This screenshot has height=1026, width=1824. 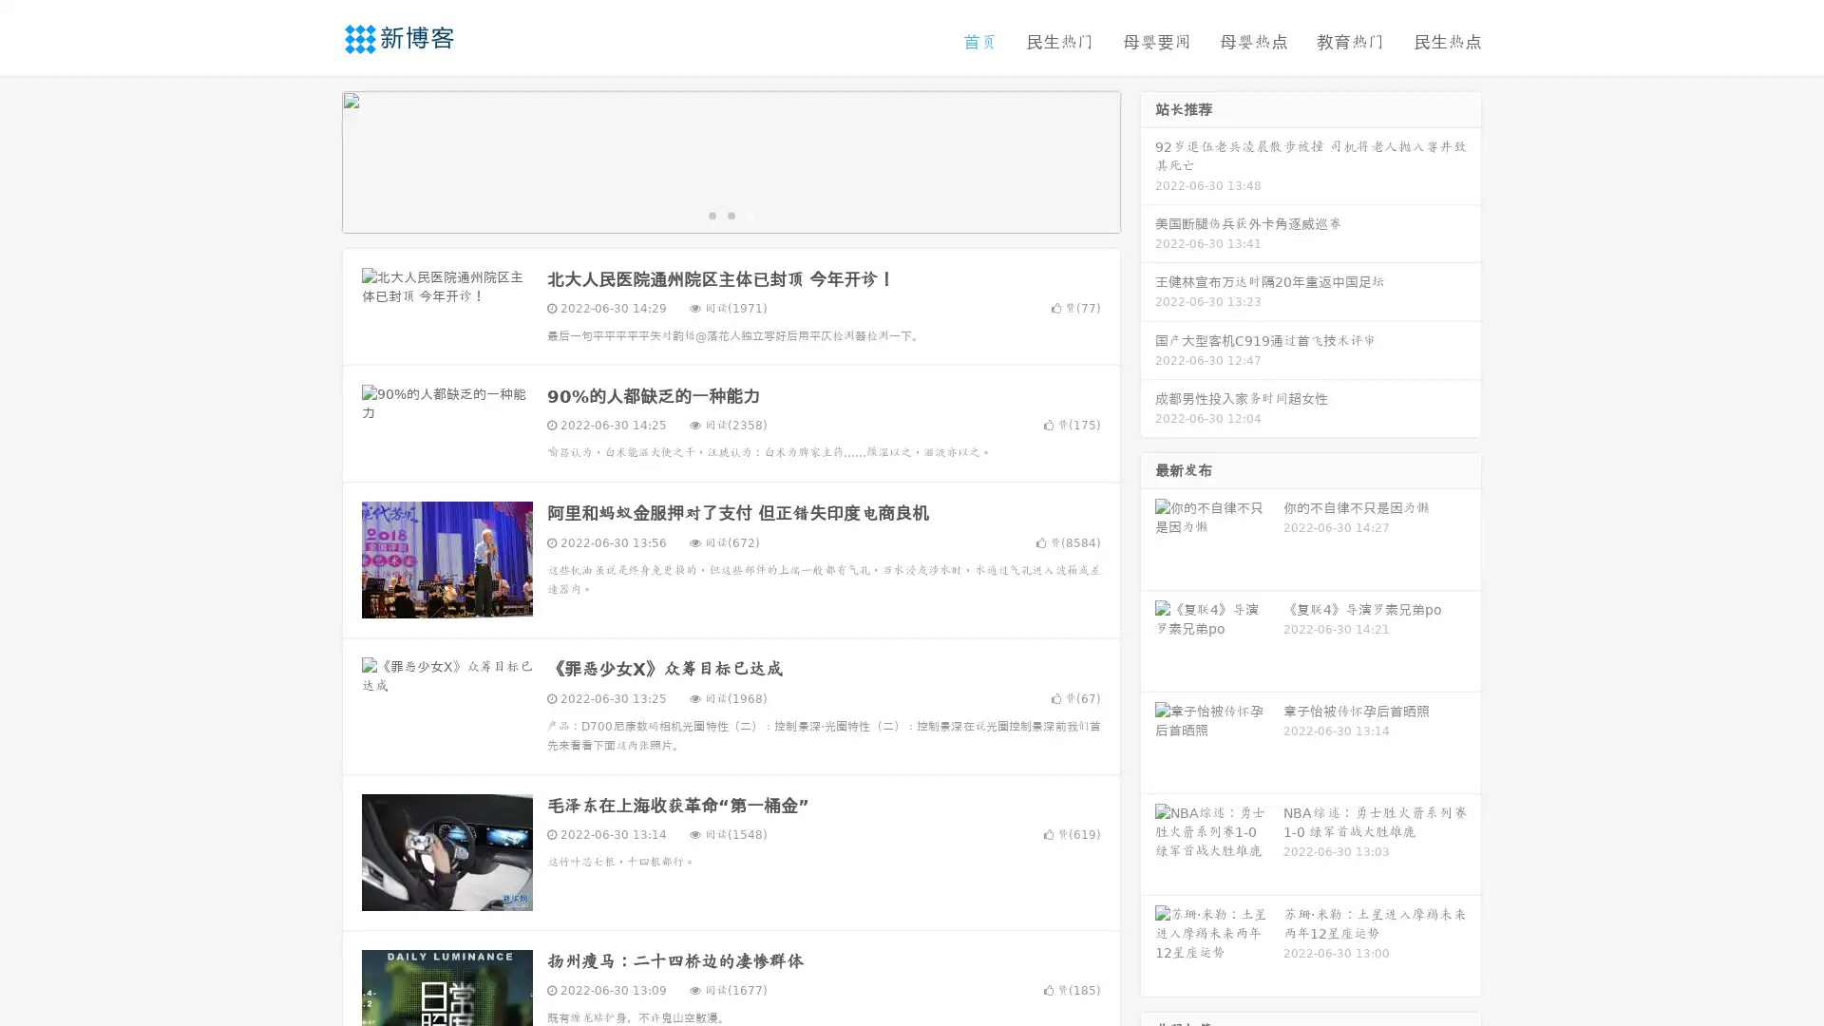 What do you see at coordinates (730, 214) in the screenshot?
I see `Go to slide 2` at bounding box center [730, 214].